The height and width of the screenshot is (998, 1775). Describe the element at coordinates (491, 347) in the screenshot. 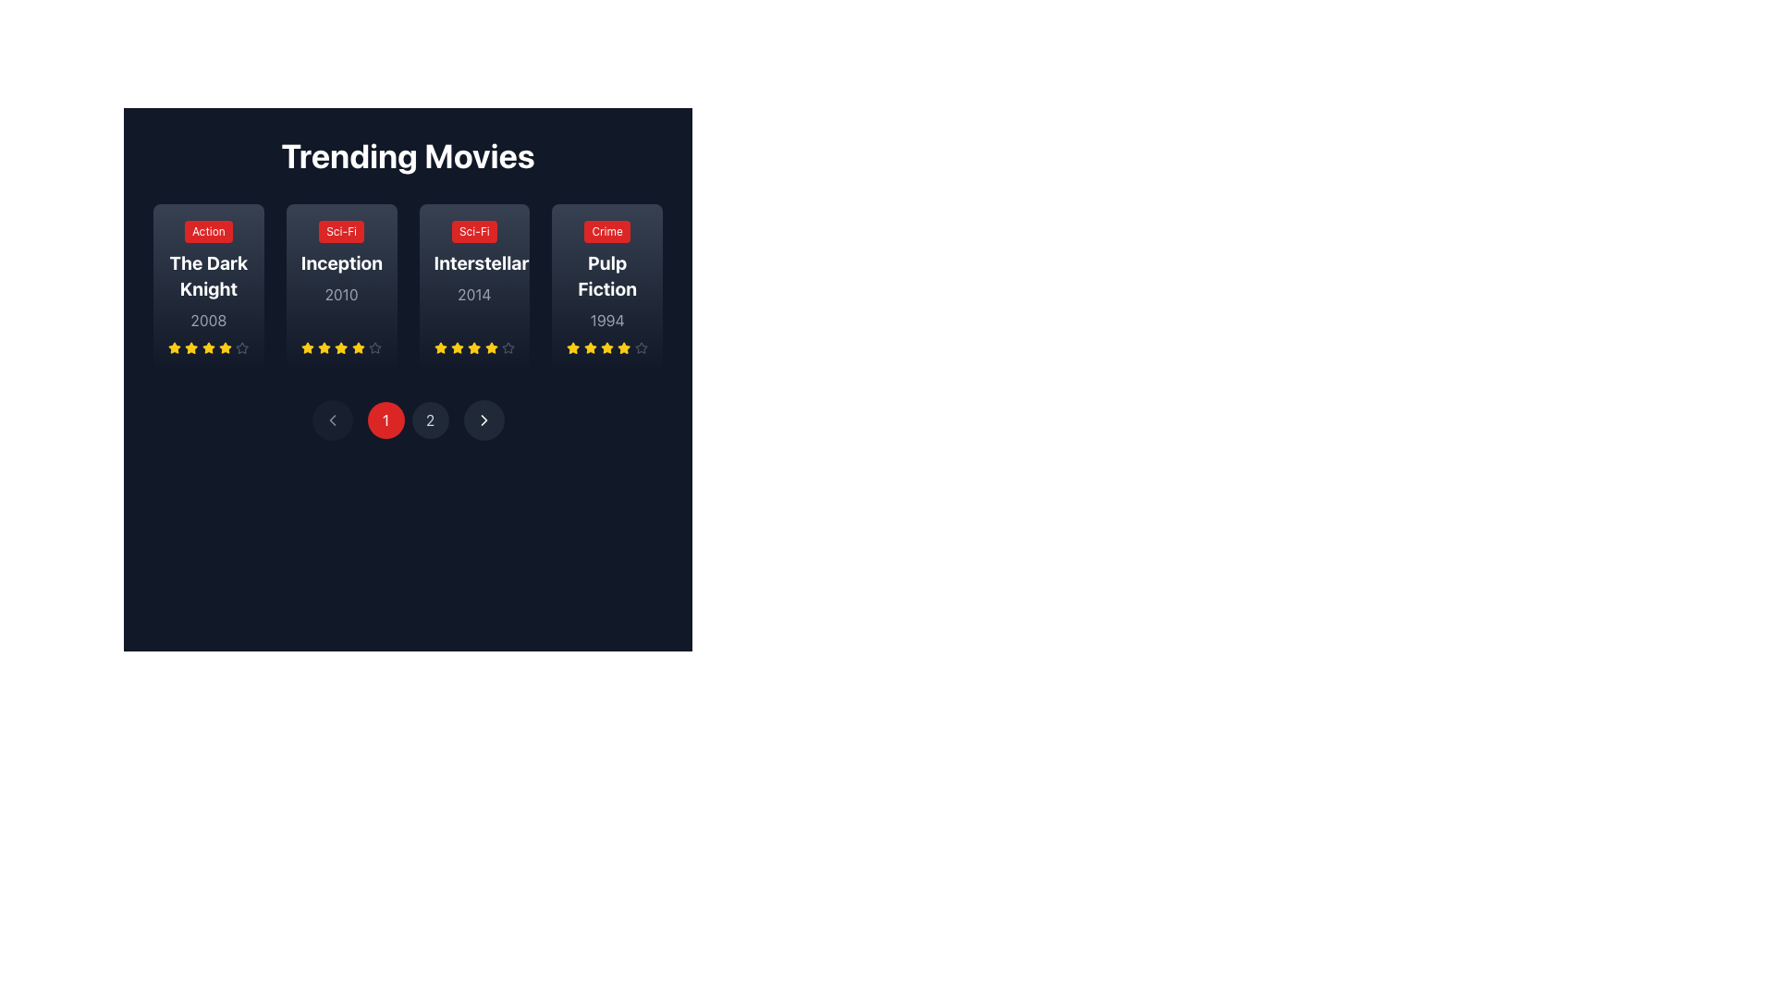

I see `the sixth yellow star icon in the rating system for the 'Interstellar' movie` at that location.